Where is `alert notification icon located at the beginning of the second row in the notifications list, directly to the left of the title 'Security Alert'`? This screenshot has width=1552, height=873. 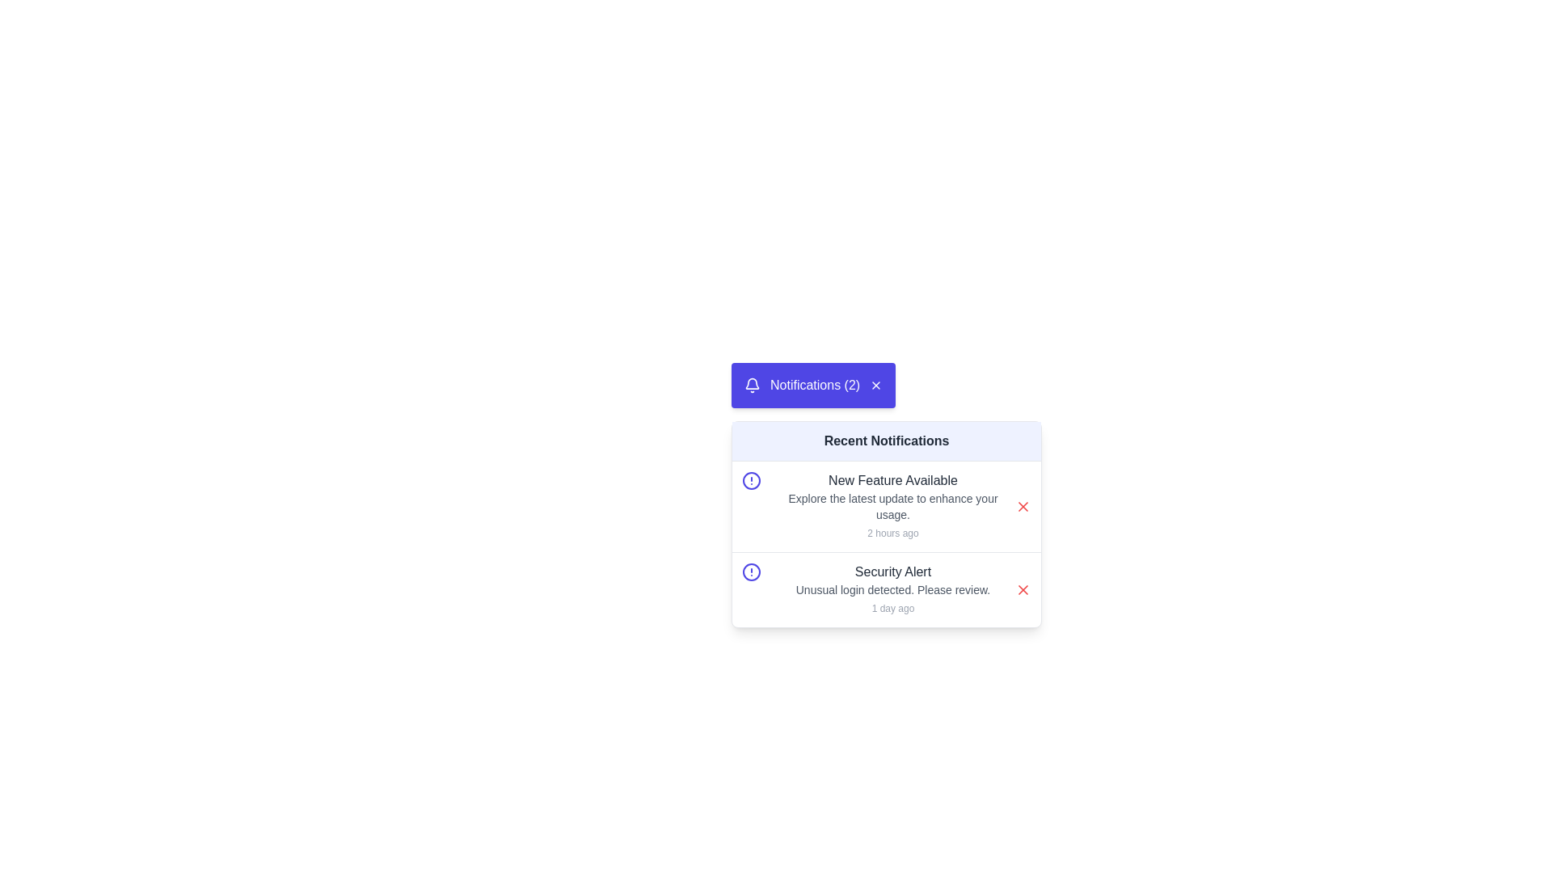 alert notification icon located at the beginning of the second row in the notifications list, directly to the left of the title 'Security Alert' is located at coordinates (751, 571).